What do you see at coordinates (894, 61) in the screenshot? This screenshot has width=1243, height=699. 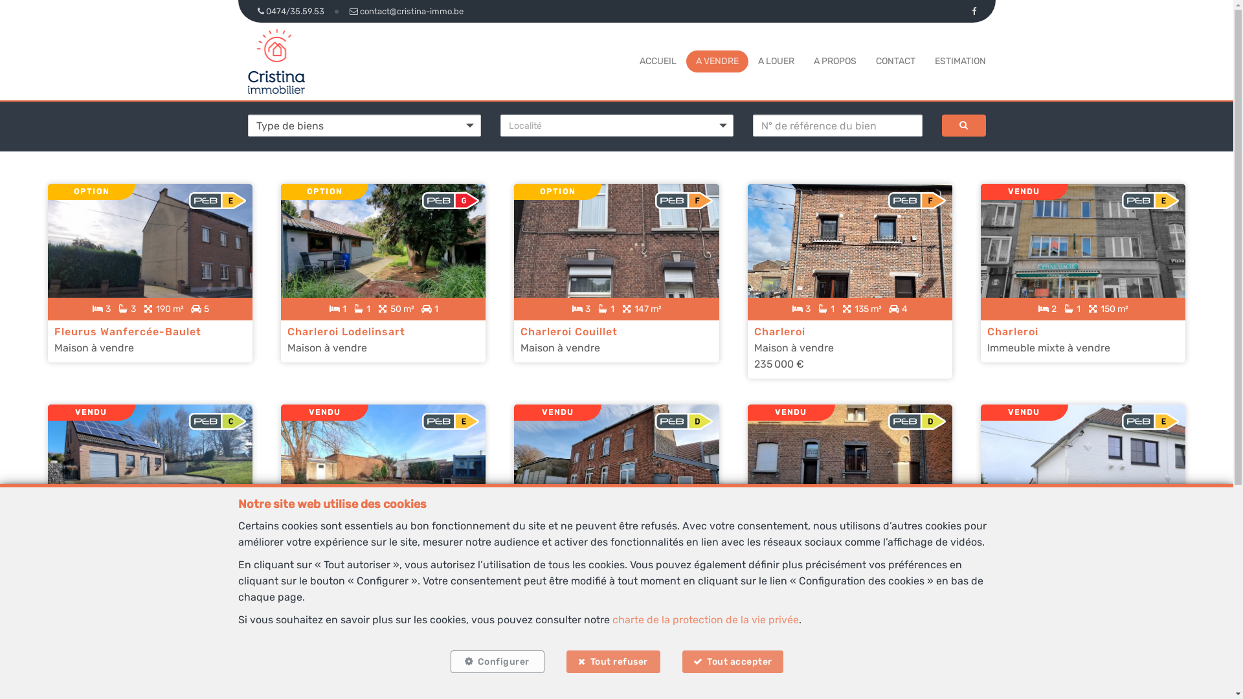 I see `'CONTACT'` at bounding box center [894, 61].